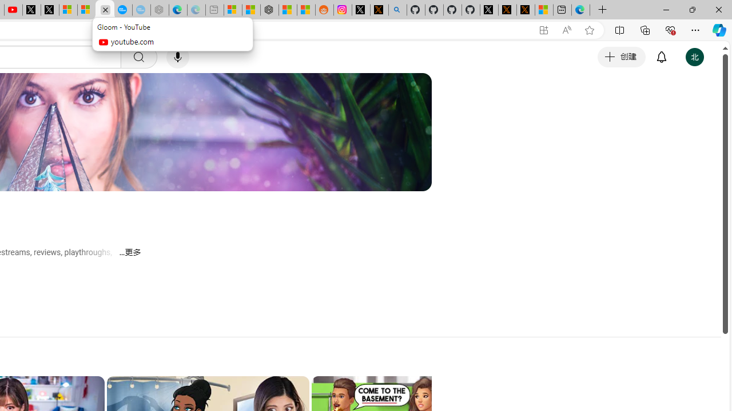 The height and width of the screenshot is (411, 732). I want to click on 'New Tab', so click(602, 10).